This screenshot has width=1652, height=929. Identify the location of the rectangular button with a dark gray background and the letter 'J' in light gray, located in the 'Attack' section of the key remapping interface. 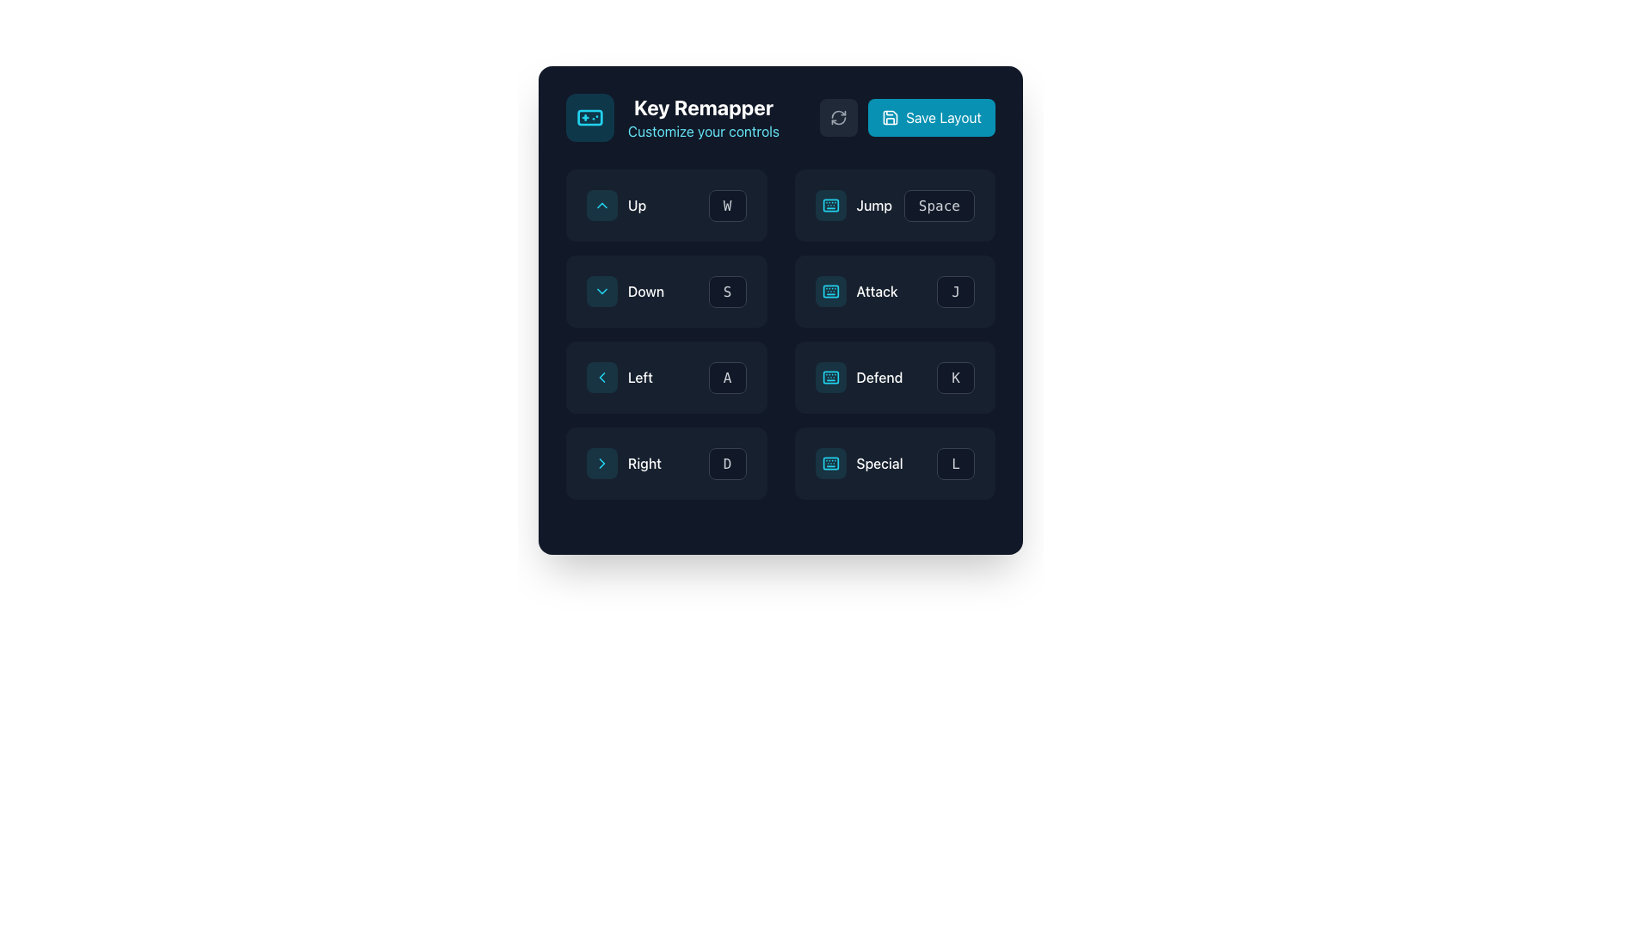
(955, 291).